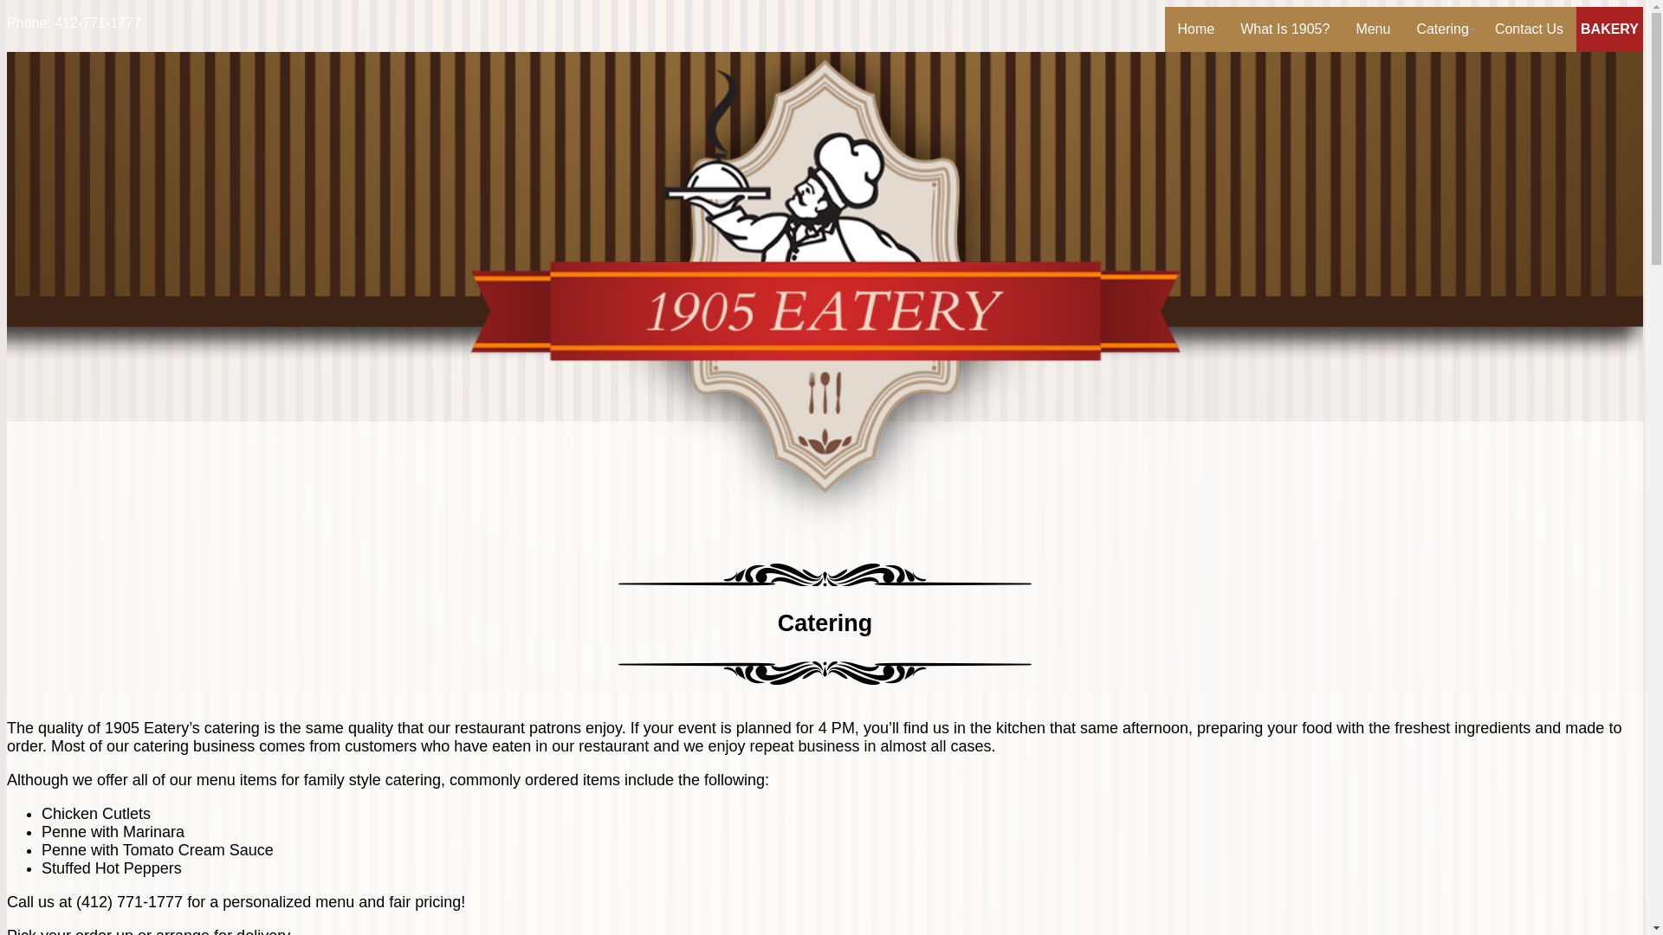 This screenshot has width=1663, height=935. What do you see at coordinates (1608, 29) in the screenshot?
I see `'BAKERY'` at bounding box center [1608, 29].